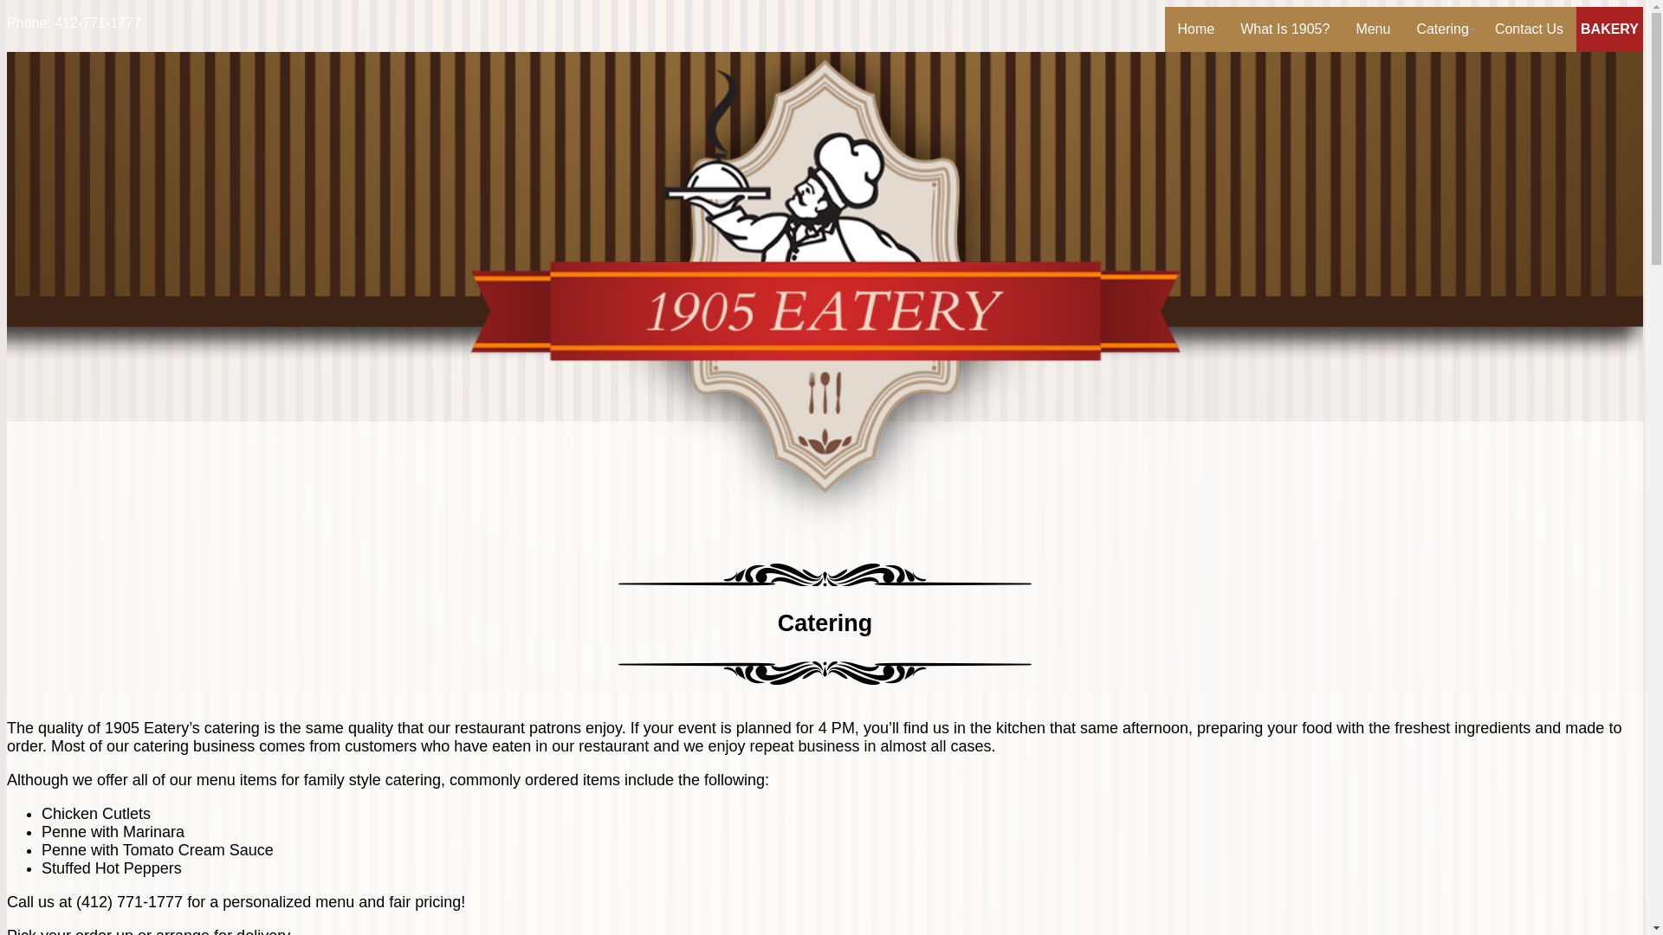 This screenshot has width=1663, height=935. What do you see at coordinates (1608, 29) in the screenshot?
I see `'BAKERY'` at bounding box center [1608, 29].